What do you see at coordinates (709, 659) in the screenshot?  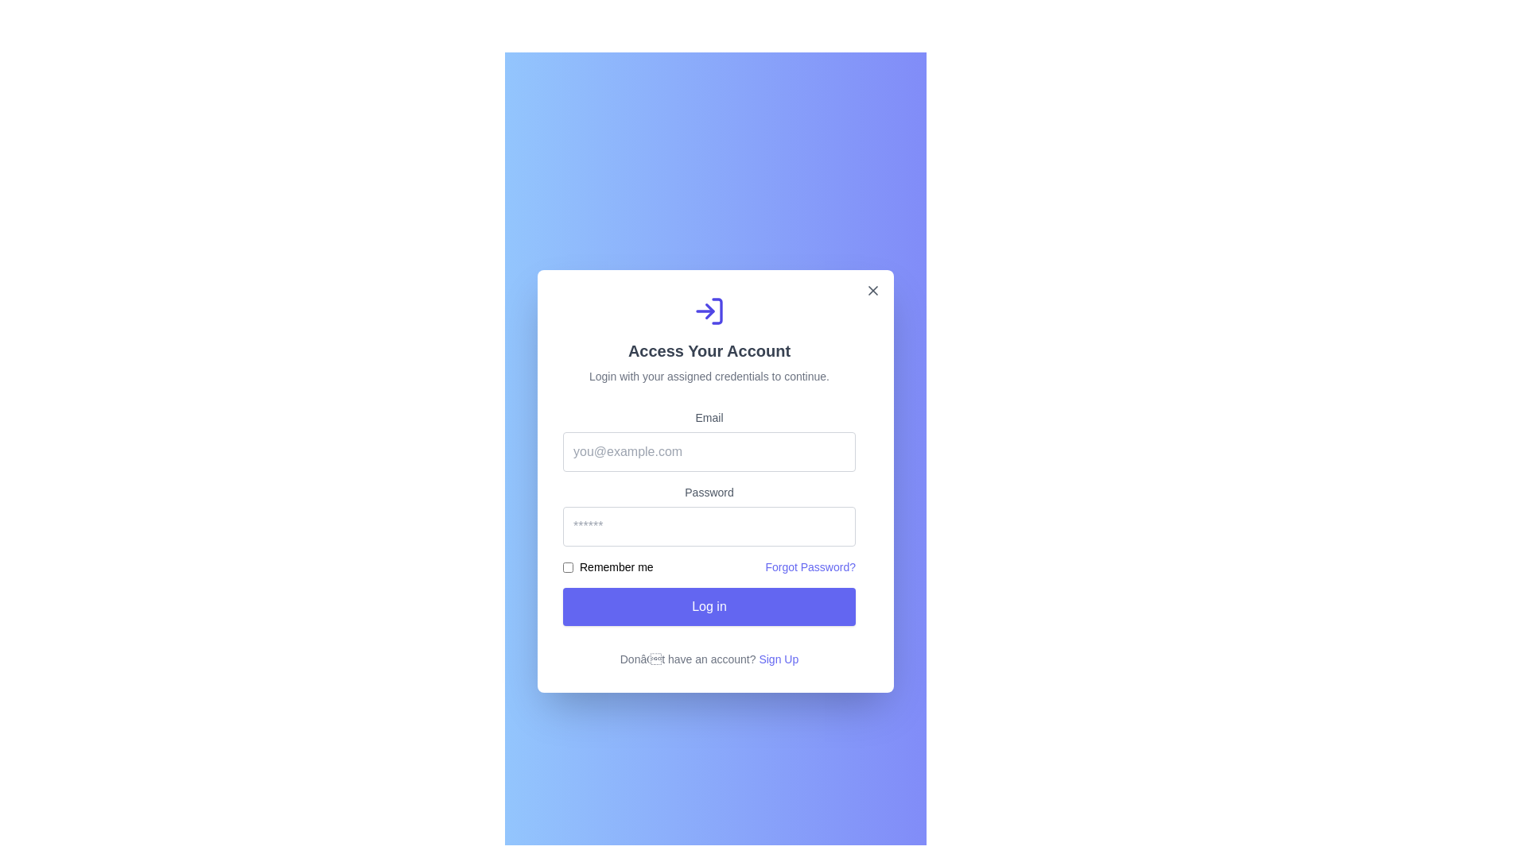 I see `the text element that says 'Don’t have an account? Sign Up.', which includes a clickable link styled in blue` at bounding box center [709, 659].